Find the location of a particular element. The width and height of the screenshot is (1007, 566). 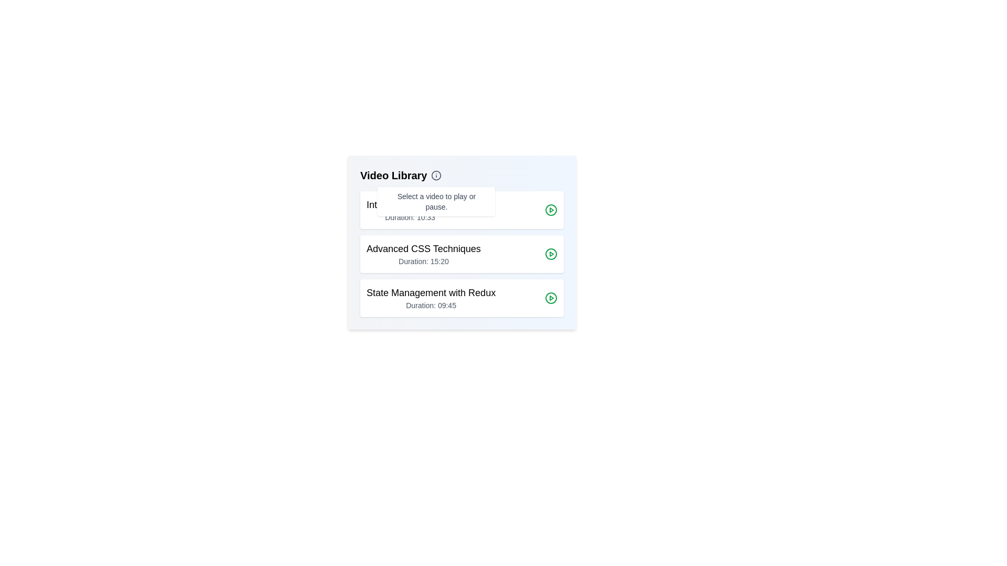

the title text of the video or course module located in the third item under the 'Video Library' section is located at coordinates (431, 293).